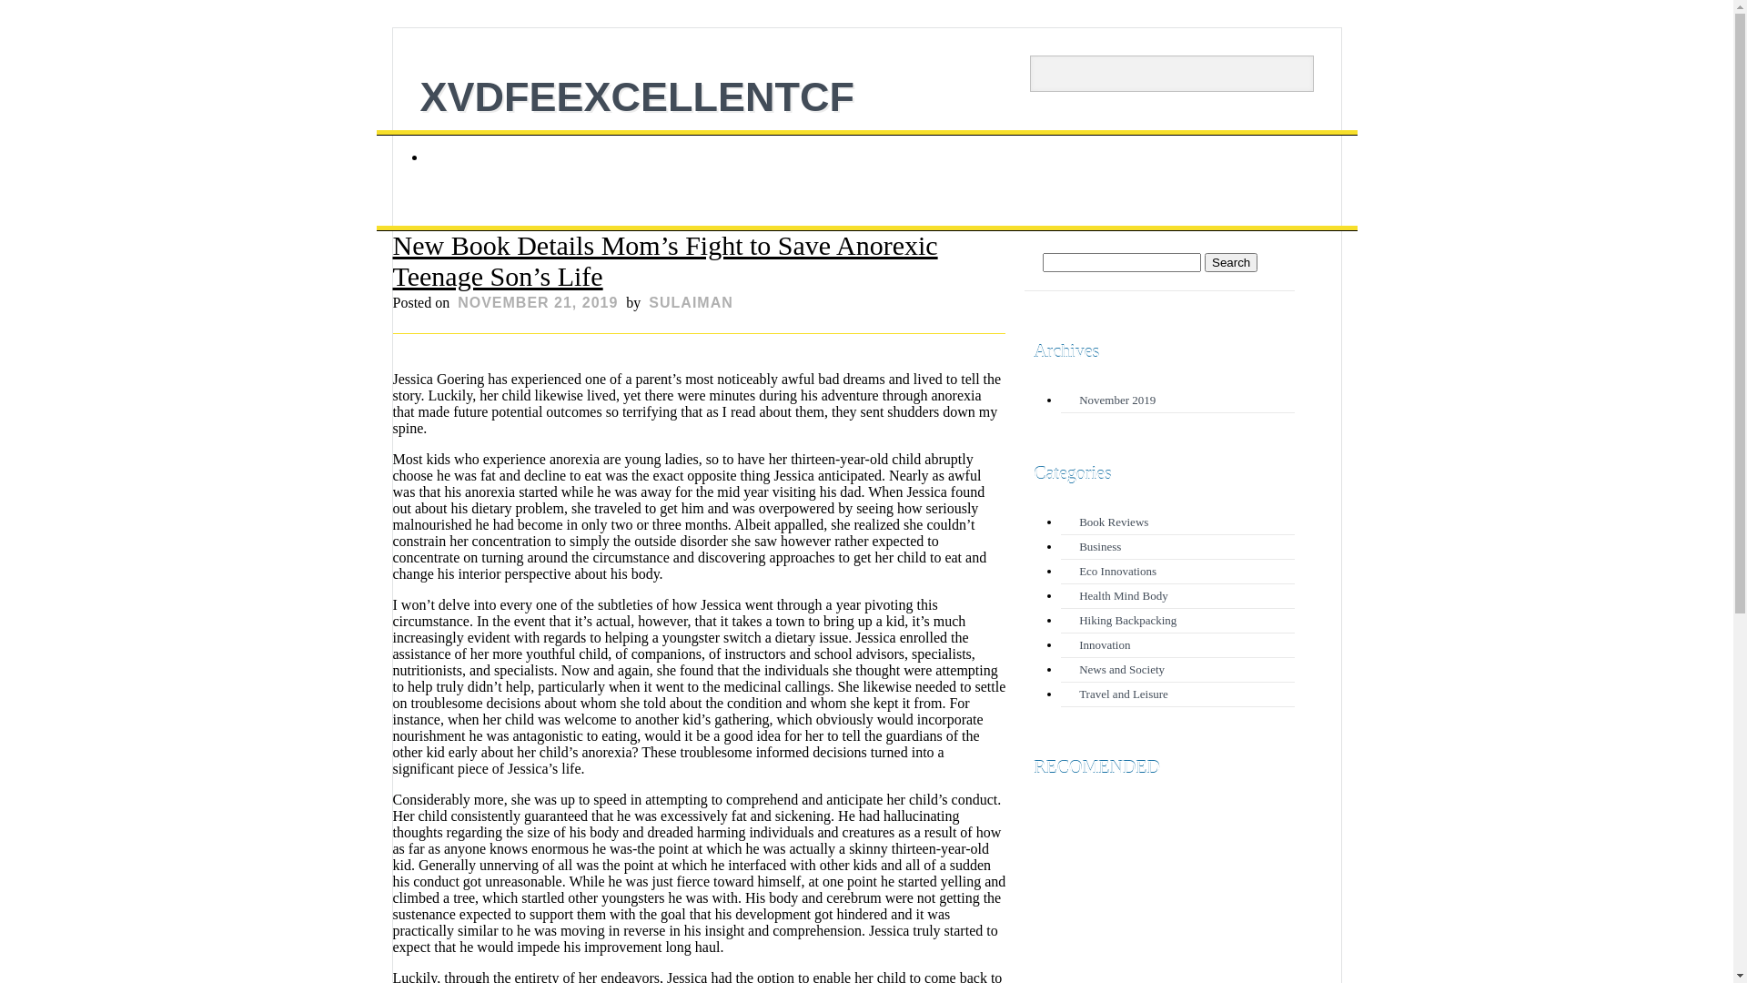 The image size is (1747, 983). What do you see at coordinates (1122, 595) in the screenshot?
I see `'Health Mind Body'` at bounding box center [1122, 595].